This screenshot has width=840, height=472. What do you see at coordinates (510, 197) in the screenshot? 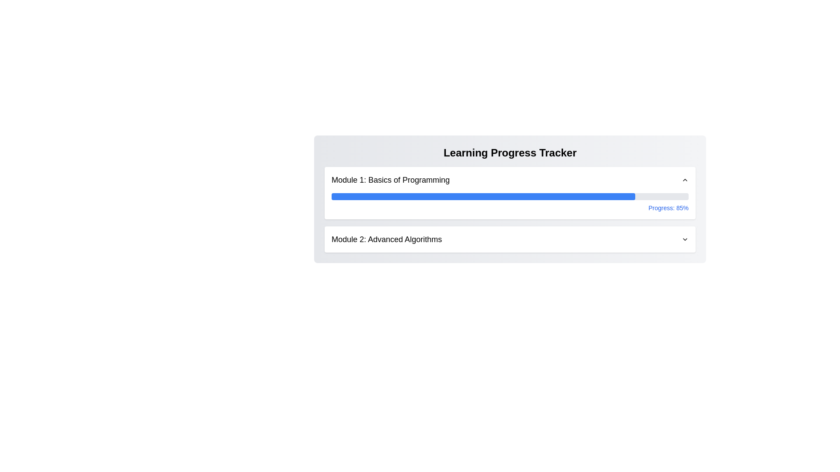
I see `the progress bar indicating 85% completion in the 'Module 1: Basics of Programming' section of the 'Learning Progress Tracker' interface` at bounding box center [510, 197].